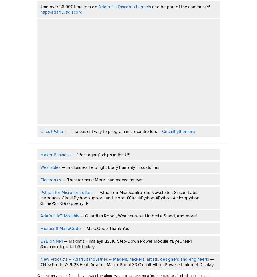 The width and height of the screenshot is (257, 277). Describe the element at coordinates (180, 7) in the screenshot. I see `'and be part of the community!'` at that location.